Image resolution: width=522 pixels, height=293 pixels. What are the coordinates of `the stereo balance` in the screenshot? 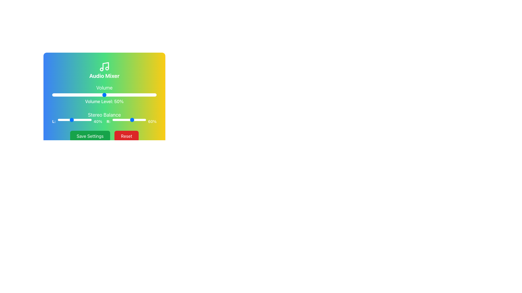 It's located at (138, 120).